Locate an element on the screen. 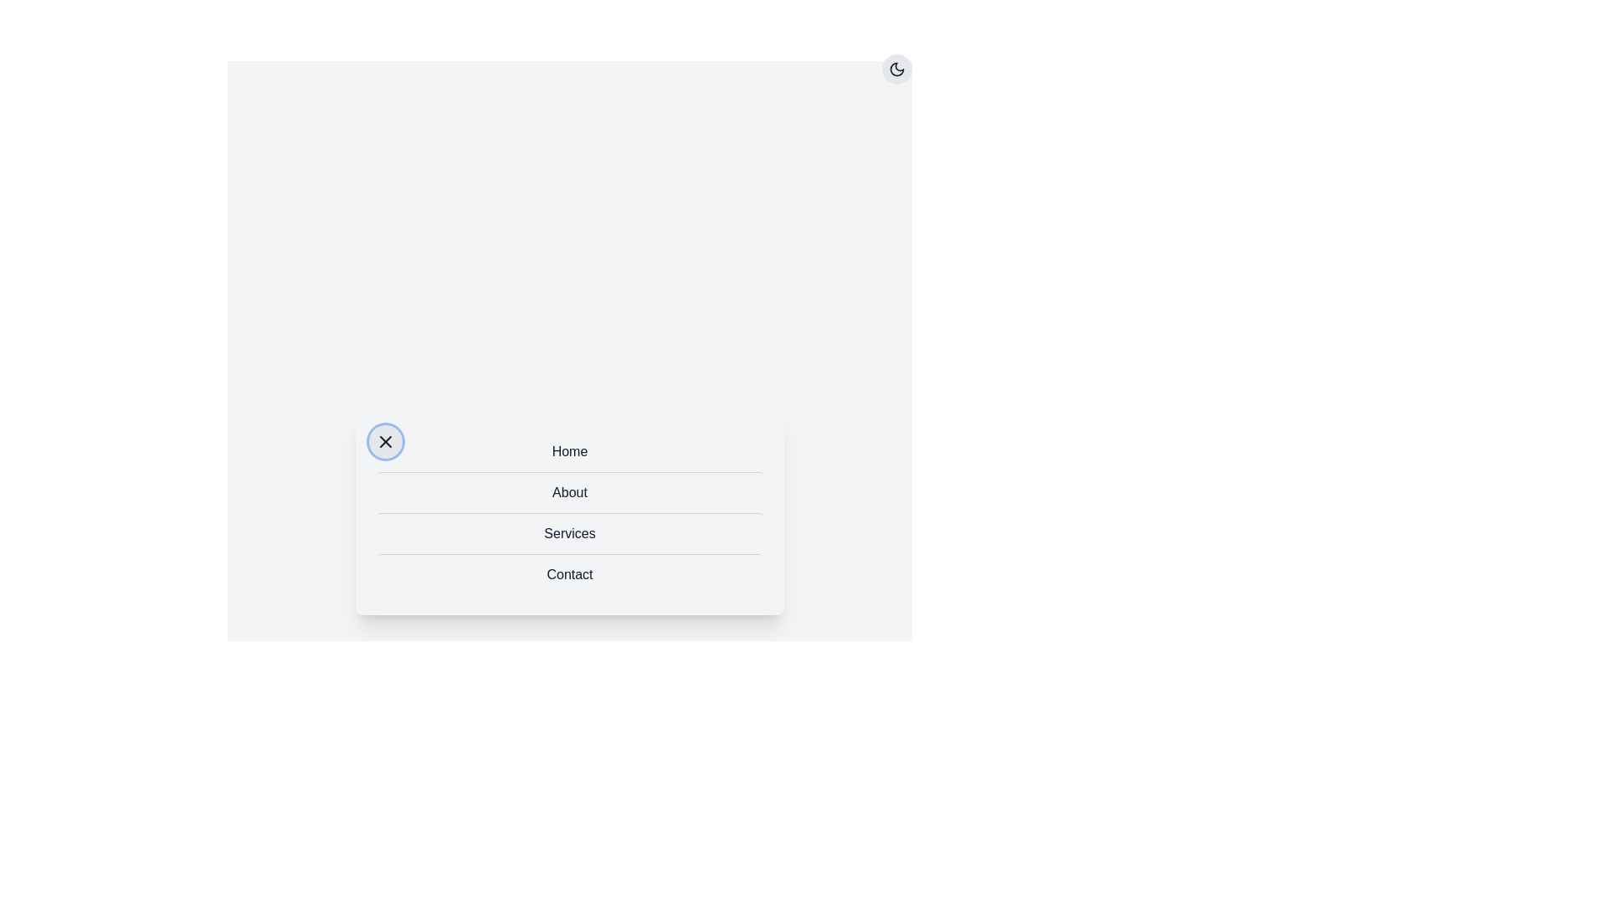 This screenshot has height=904, width=1607. the menu item Services by hovering over it is located at coordinates (570, 532).